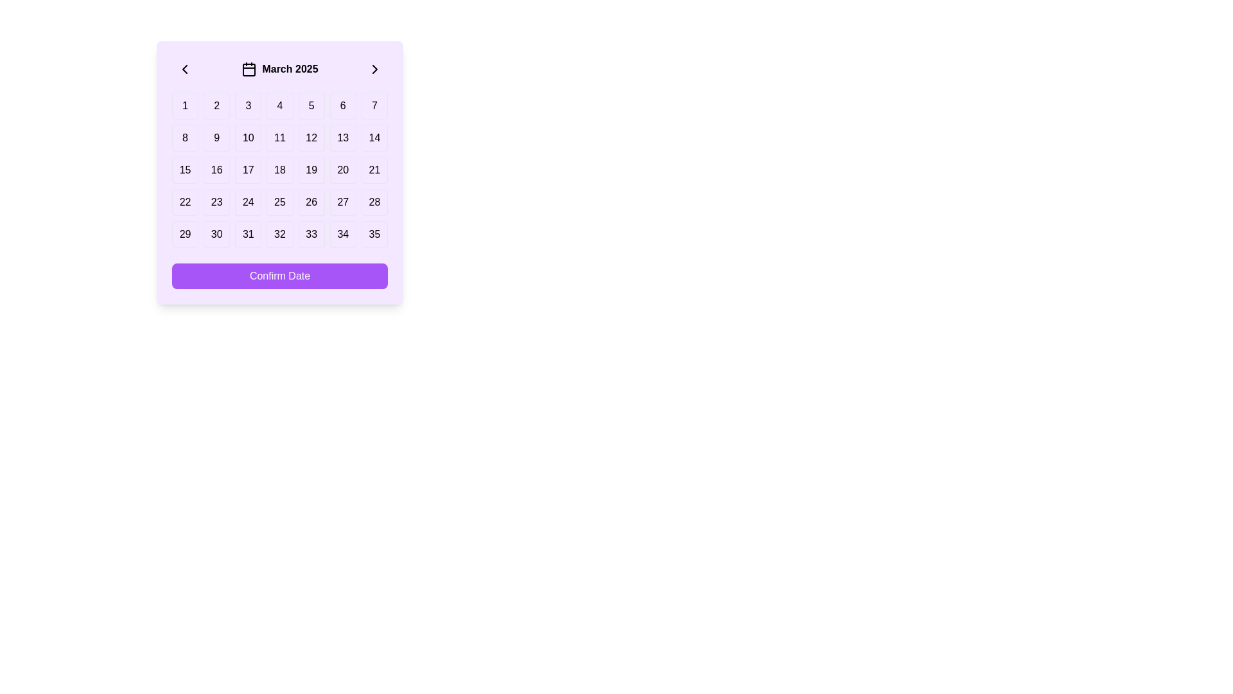  What do you see at coordinates (184, 138) in the screenshot?
I see `the interactive button in the first column of the second row of the grid` at bounding box center [184, 138].